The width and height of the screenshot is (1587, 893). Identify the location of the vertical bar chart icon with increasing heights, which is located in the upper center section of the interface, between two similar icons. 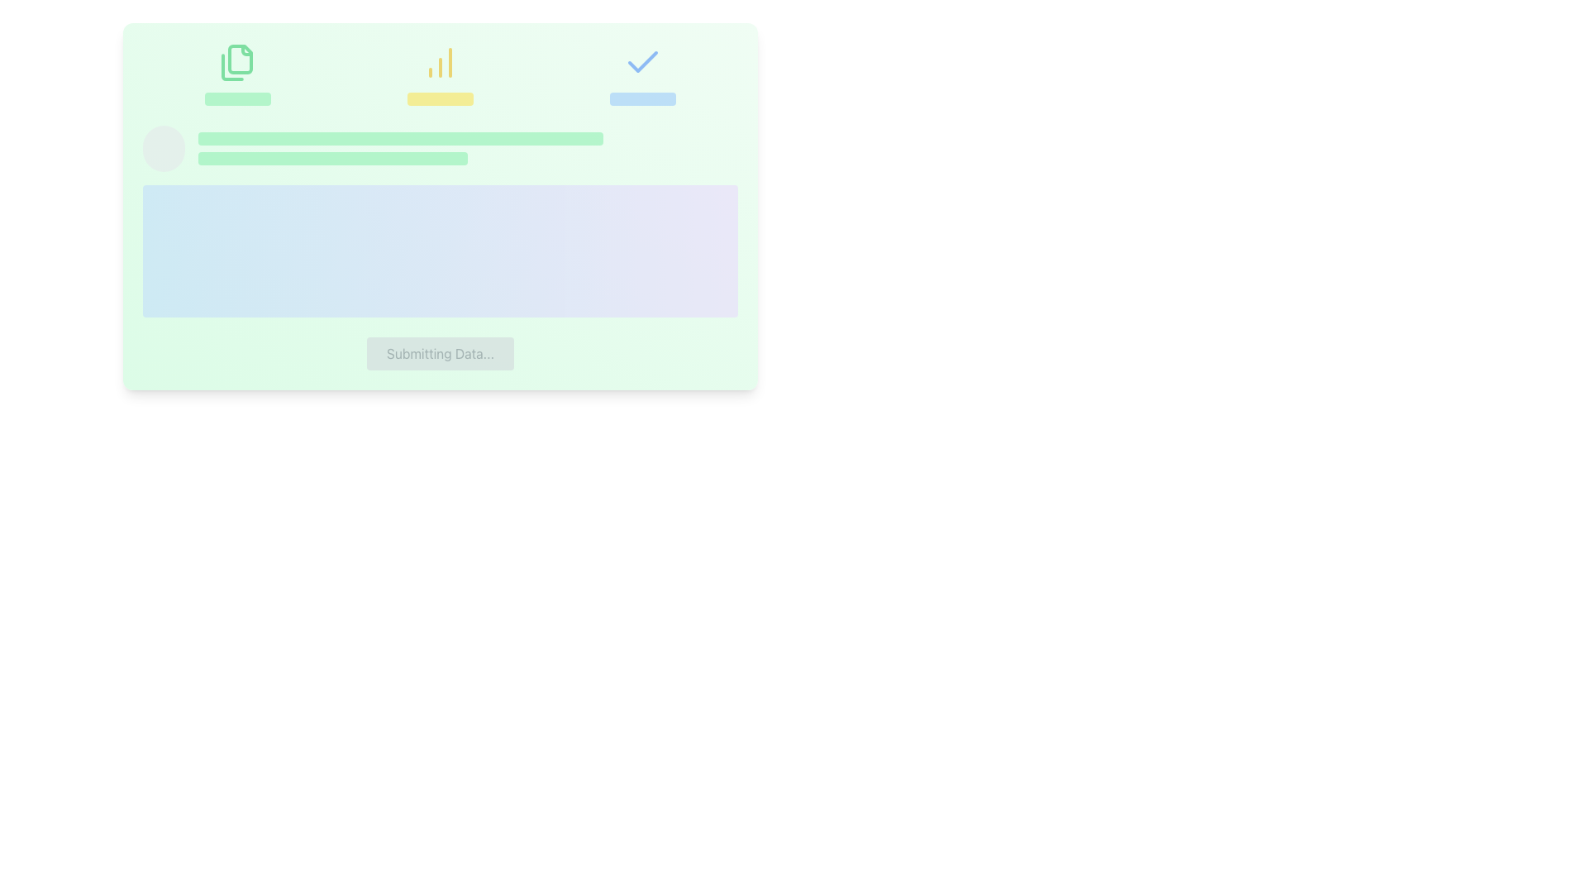
(440, 73).